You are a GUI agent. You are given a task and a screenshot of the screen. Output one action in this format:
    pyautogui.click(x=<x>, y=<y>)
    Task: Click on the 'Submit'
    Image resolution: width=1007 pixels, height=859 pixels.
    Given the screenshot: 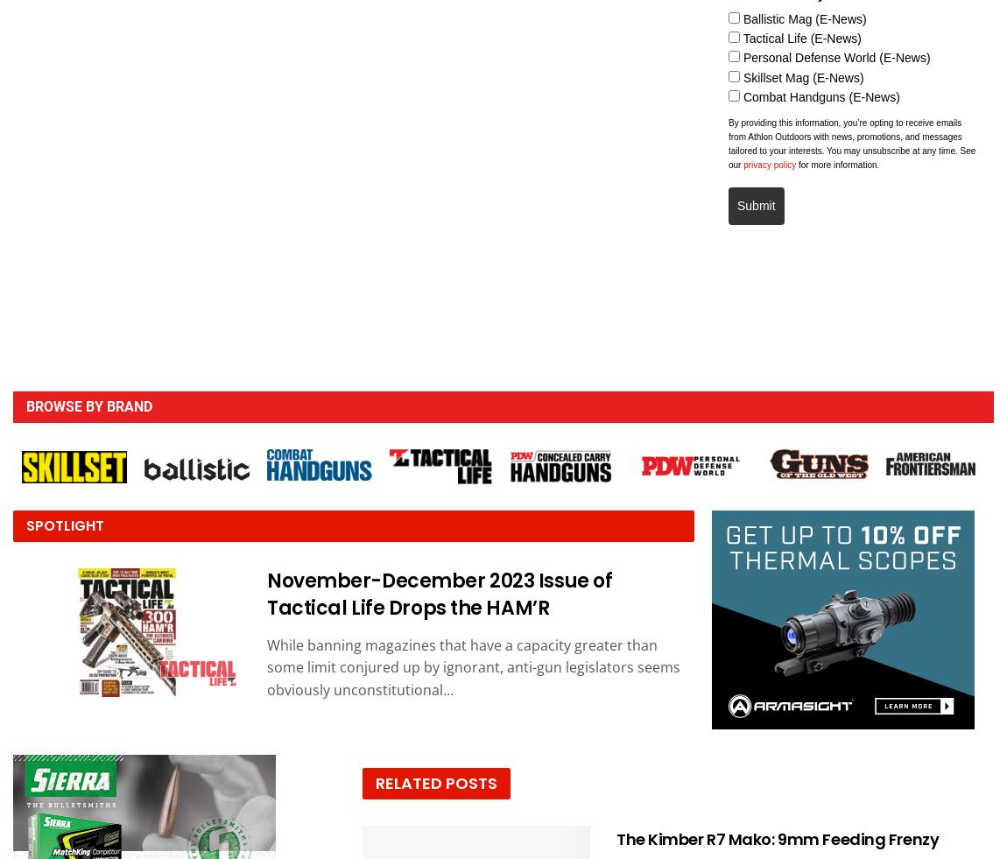 What is the action you would take?
    pyautogui.click(x=735, y=205)
    